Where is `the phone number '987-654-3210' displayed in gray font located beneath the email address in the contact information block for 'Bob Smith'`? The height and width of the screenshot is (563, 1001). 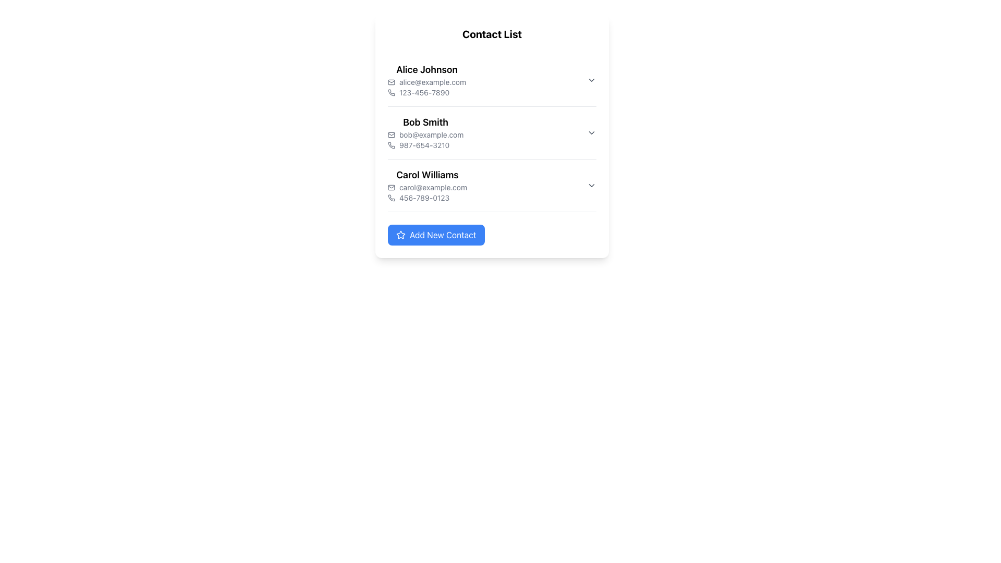
the phone number '987-654-3210' displayed in gray font located beneath the email address in the contact information block for 'Bob Smith' is located at coordinates (425, 145).